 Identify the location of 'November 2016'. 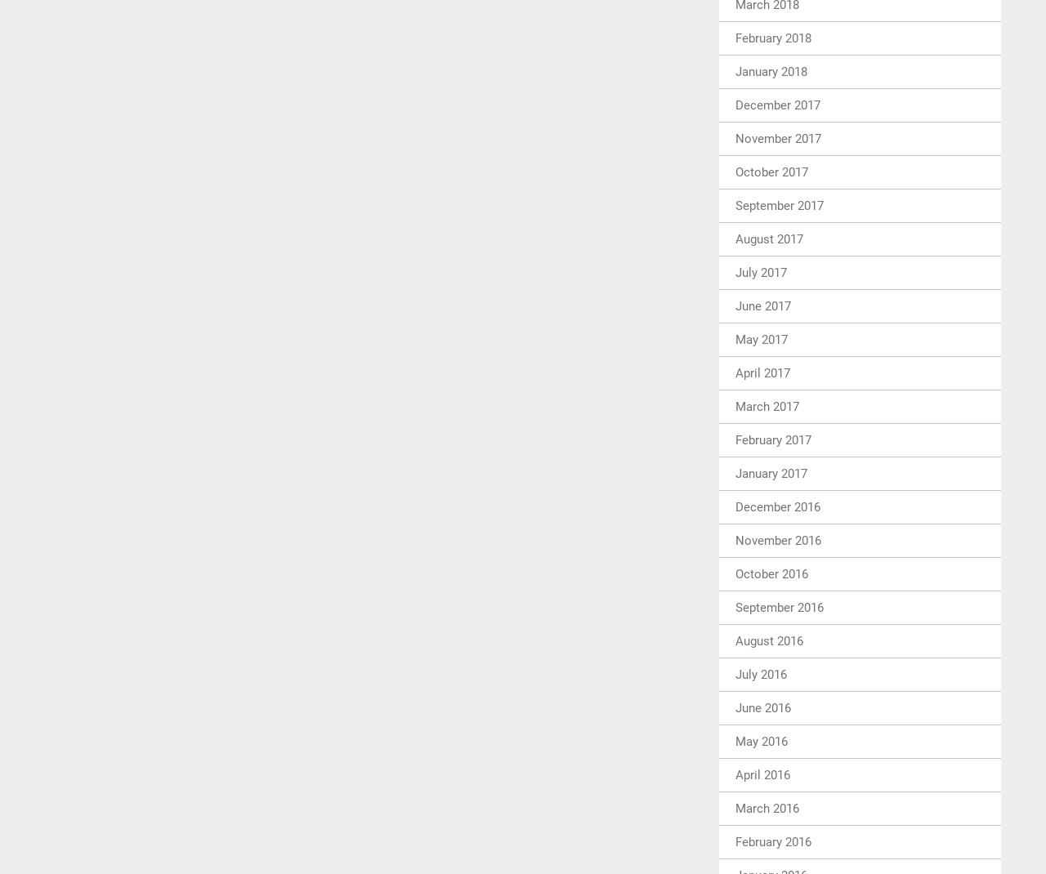
(777, 540).